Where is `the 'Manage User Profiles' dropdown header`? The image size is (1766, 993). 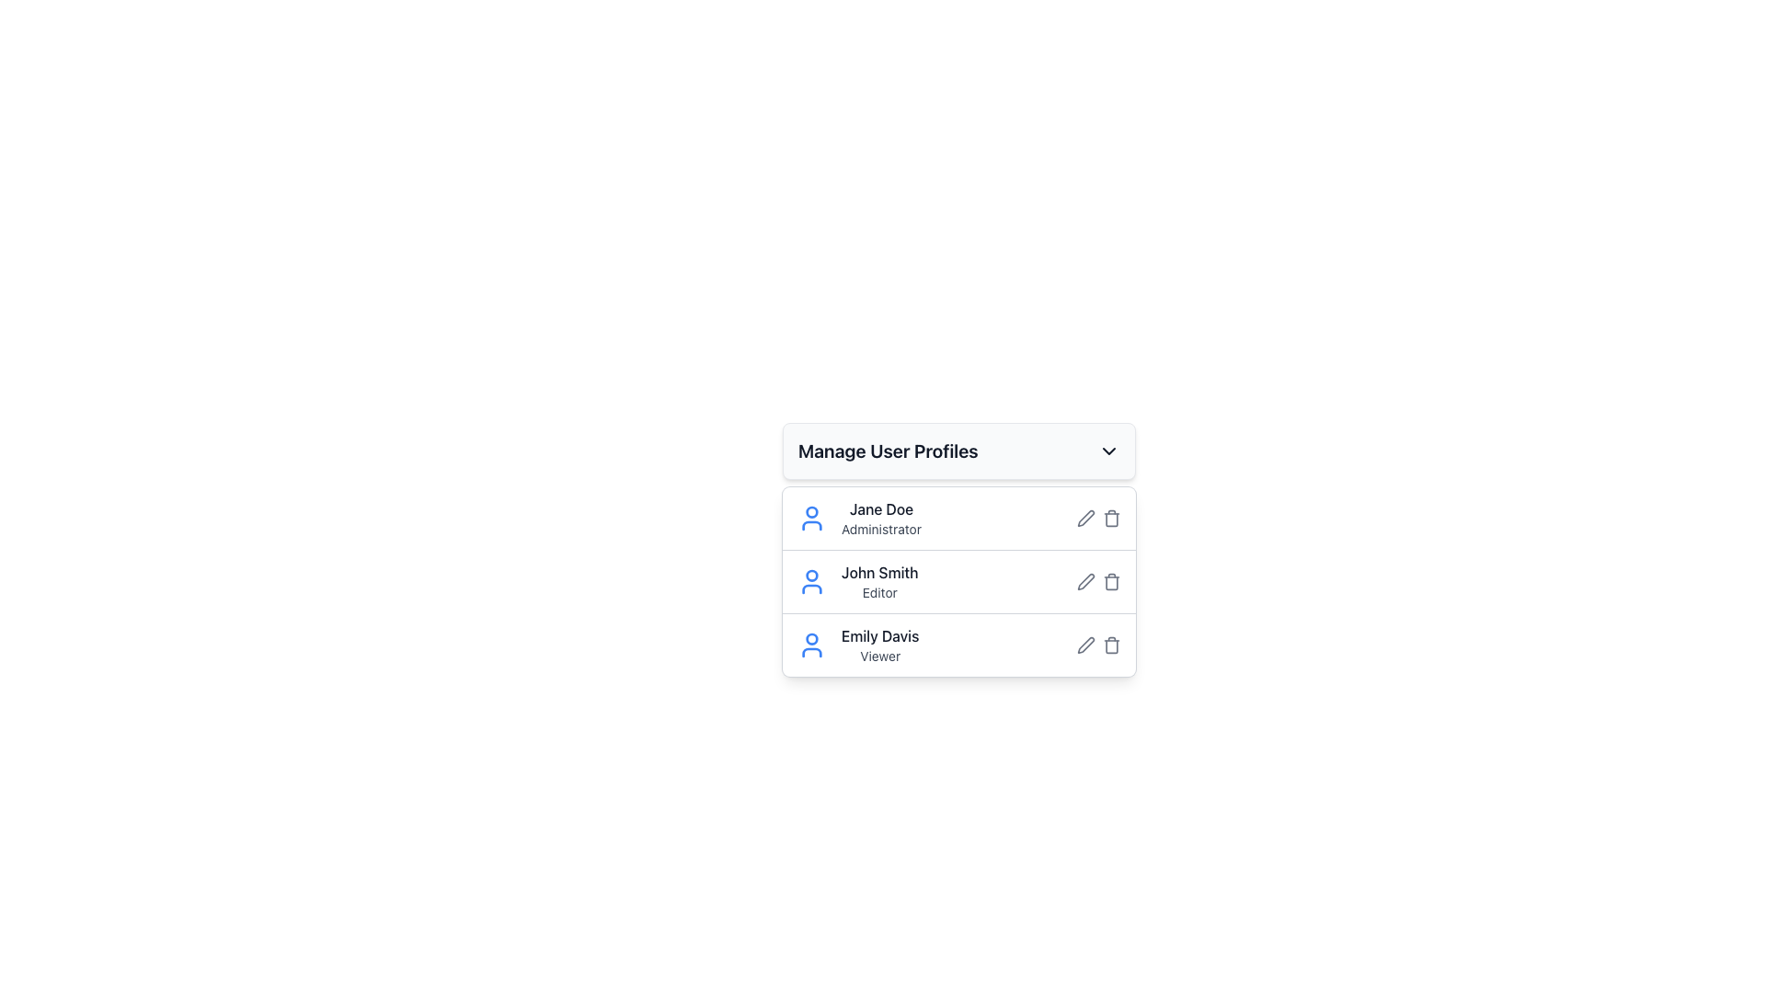 the 'Manage User Profiles' dropdown header is located at coordinates (958, 451).